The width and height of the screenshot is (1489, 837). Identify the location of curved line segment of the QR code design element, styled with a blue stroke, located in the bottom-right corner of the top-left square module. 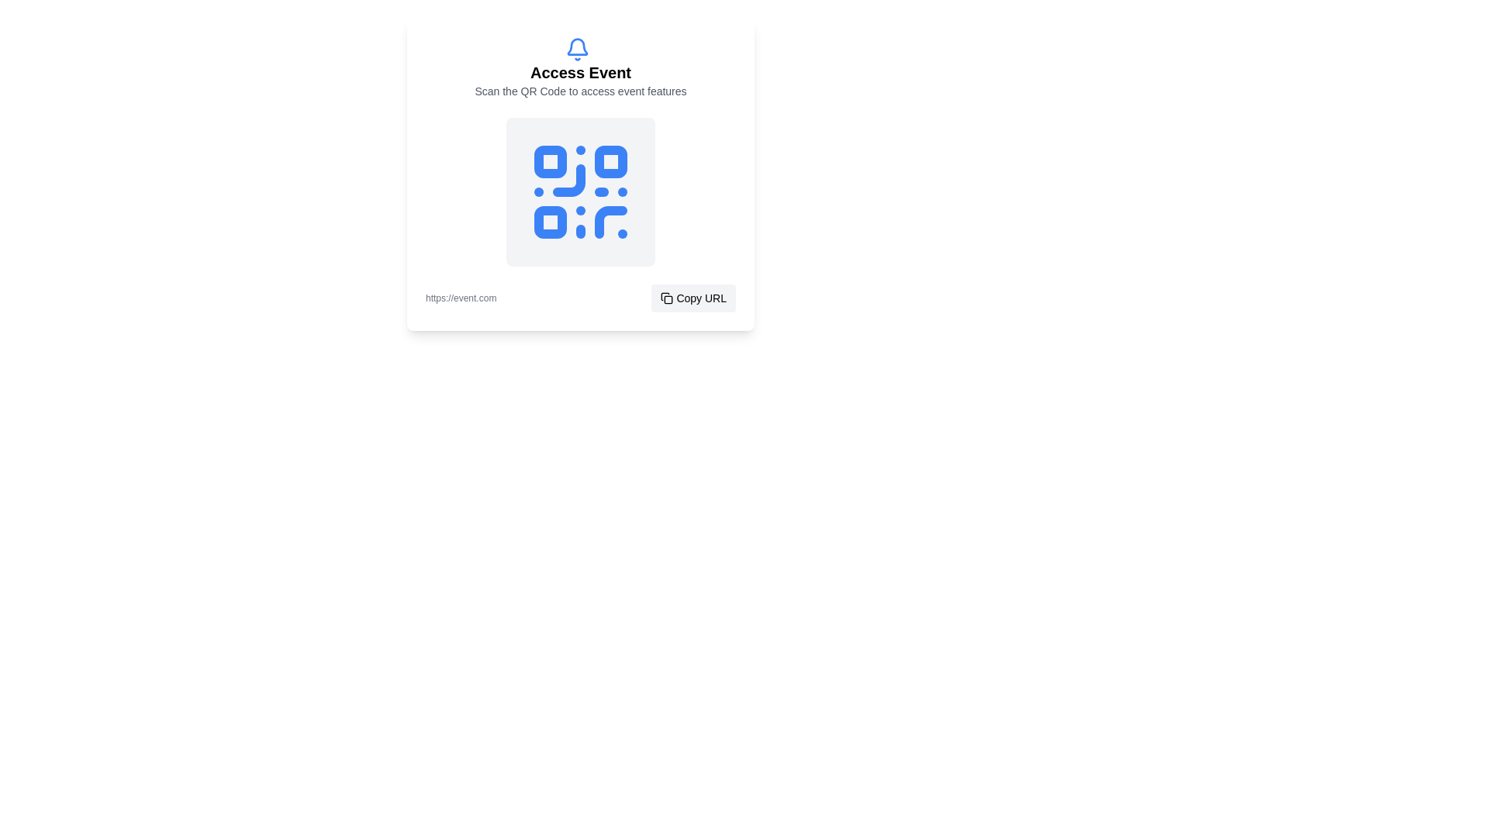
(568, 179).